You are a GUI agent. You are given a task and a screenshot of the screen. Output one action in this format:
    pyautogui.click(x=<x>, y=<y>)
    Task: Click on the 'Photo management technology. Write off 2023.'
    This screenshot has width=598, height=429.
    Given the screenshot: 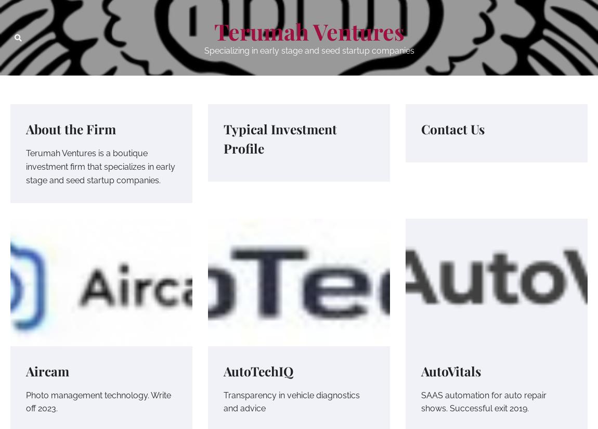 What is the action you would take?
    pyautogui.click(x=25, y=401)
    